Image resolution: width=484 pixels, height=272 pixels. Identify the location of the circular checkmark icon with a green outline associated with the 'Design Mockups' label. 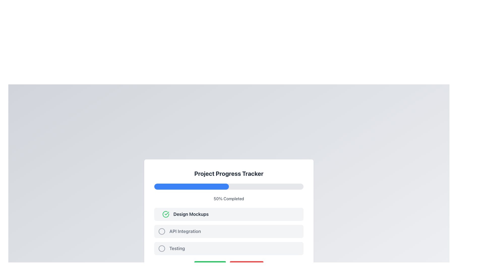
(166, 214).